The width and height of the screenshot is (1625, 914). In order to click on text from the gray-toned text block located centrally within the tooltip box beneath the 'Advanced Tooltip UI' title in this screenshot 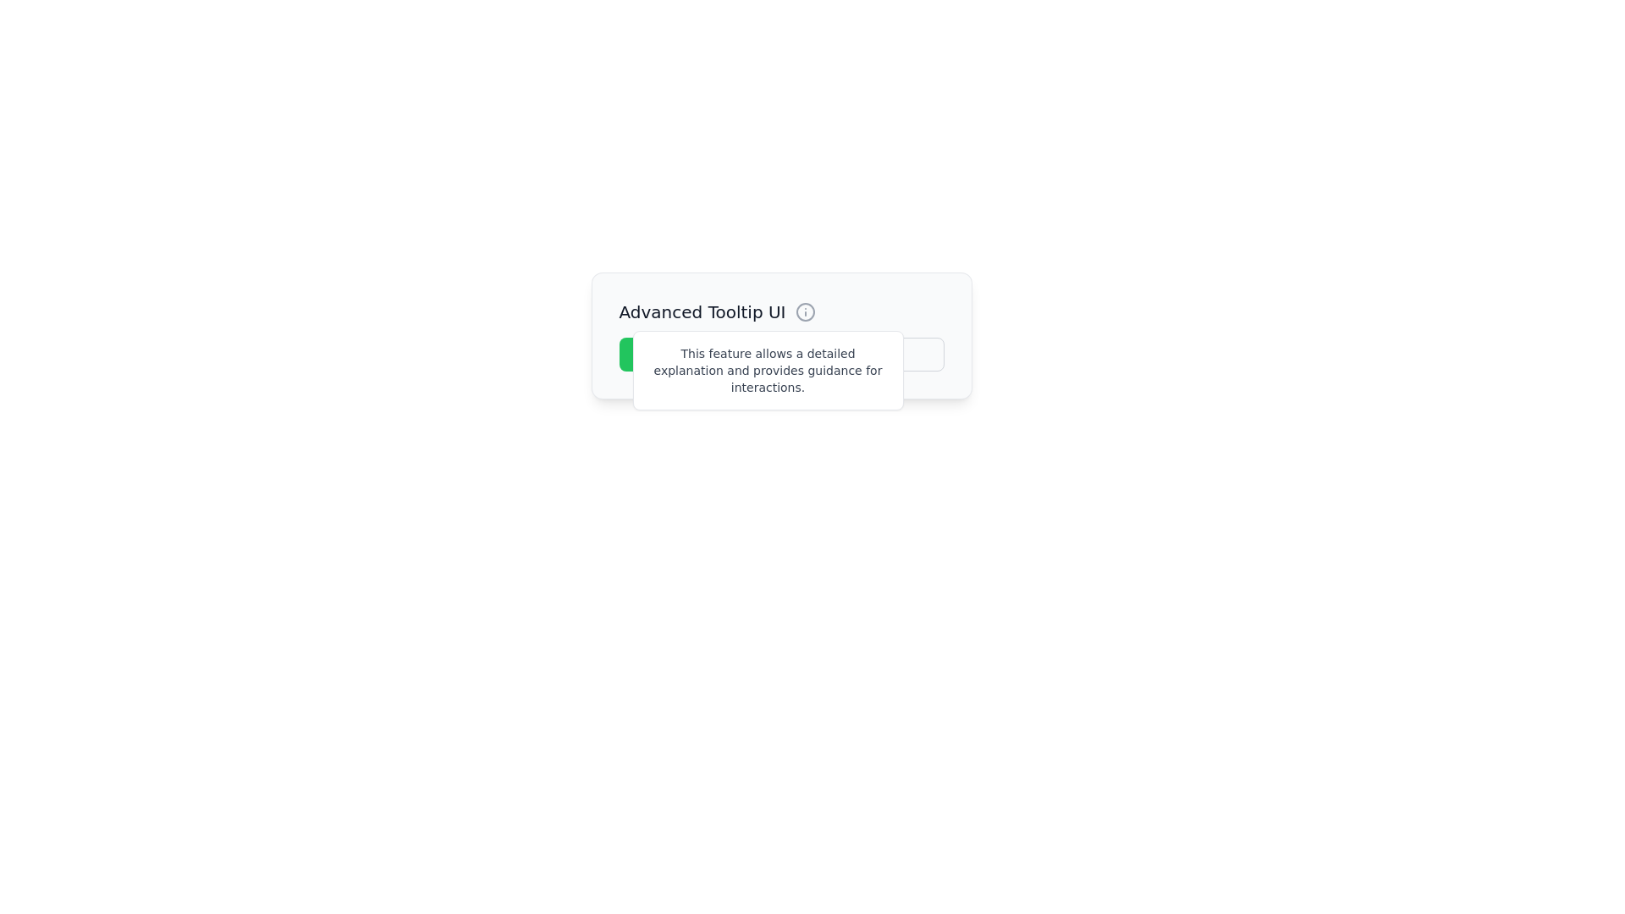, I will do `click(767, 370)`.